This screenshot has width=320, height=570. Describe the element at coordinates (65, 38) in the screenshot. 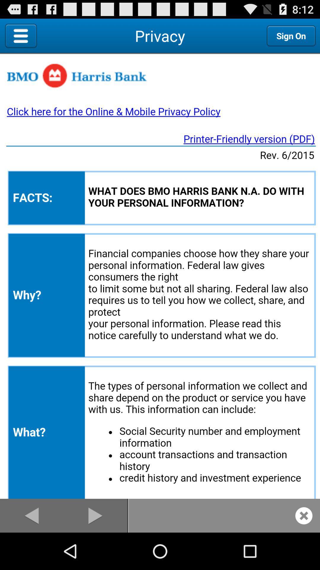

I see `the more icon` at that location.